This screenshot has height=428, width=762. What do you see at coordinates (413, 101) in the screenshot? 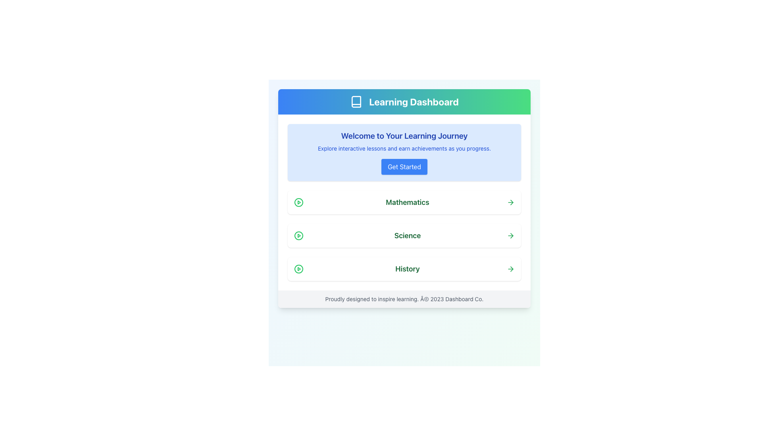
I see `the 'Learning Dashboard' text label located in the header section, which is displayed in bold, large font against a gradient background` at bounding box center [413, 101].